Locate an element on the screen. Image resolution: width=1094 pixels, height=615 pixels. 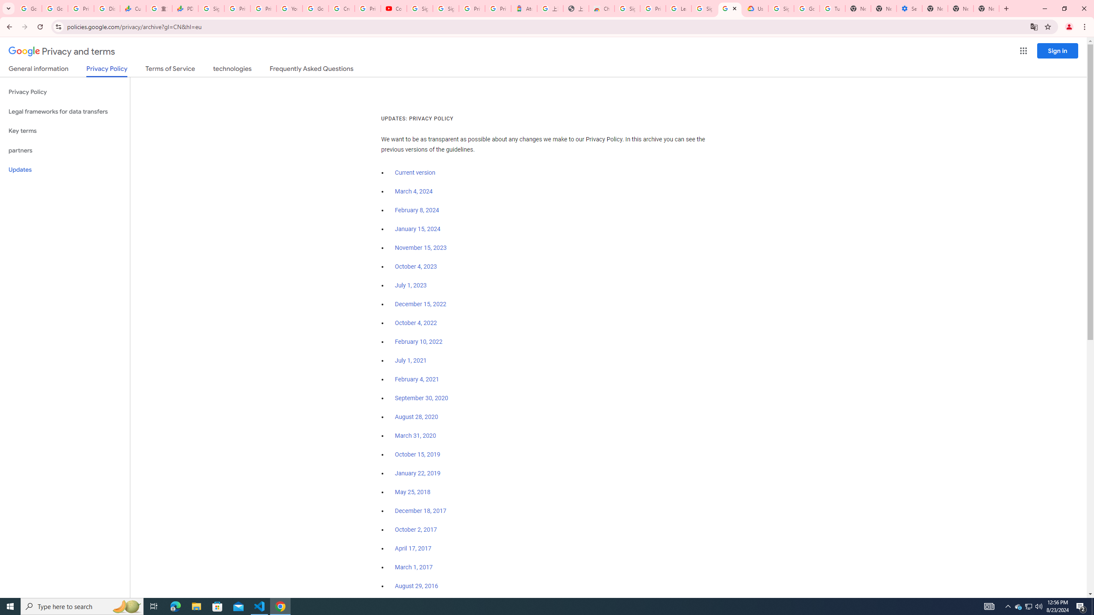
'January 15, 2024' is located at coordinates (418, 229).